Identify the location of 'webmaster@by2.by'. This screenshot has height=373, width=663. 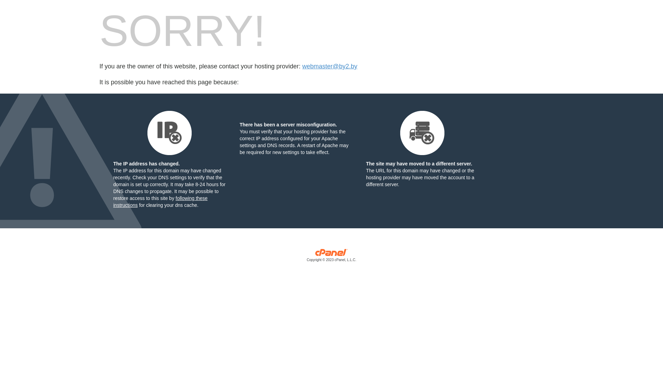
(329, 66).